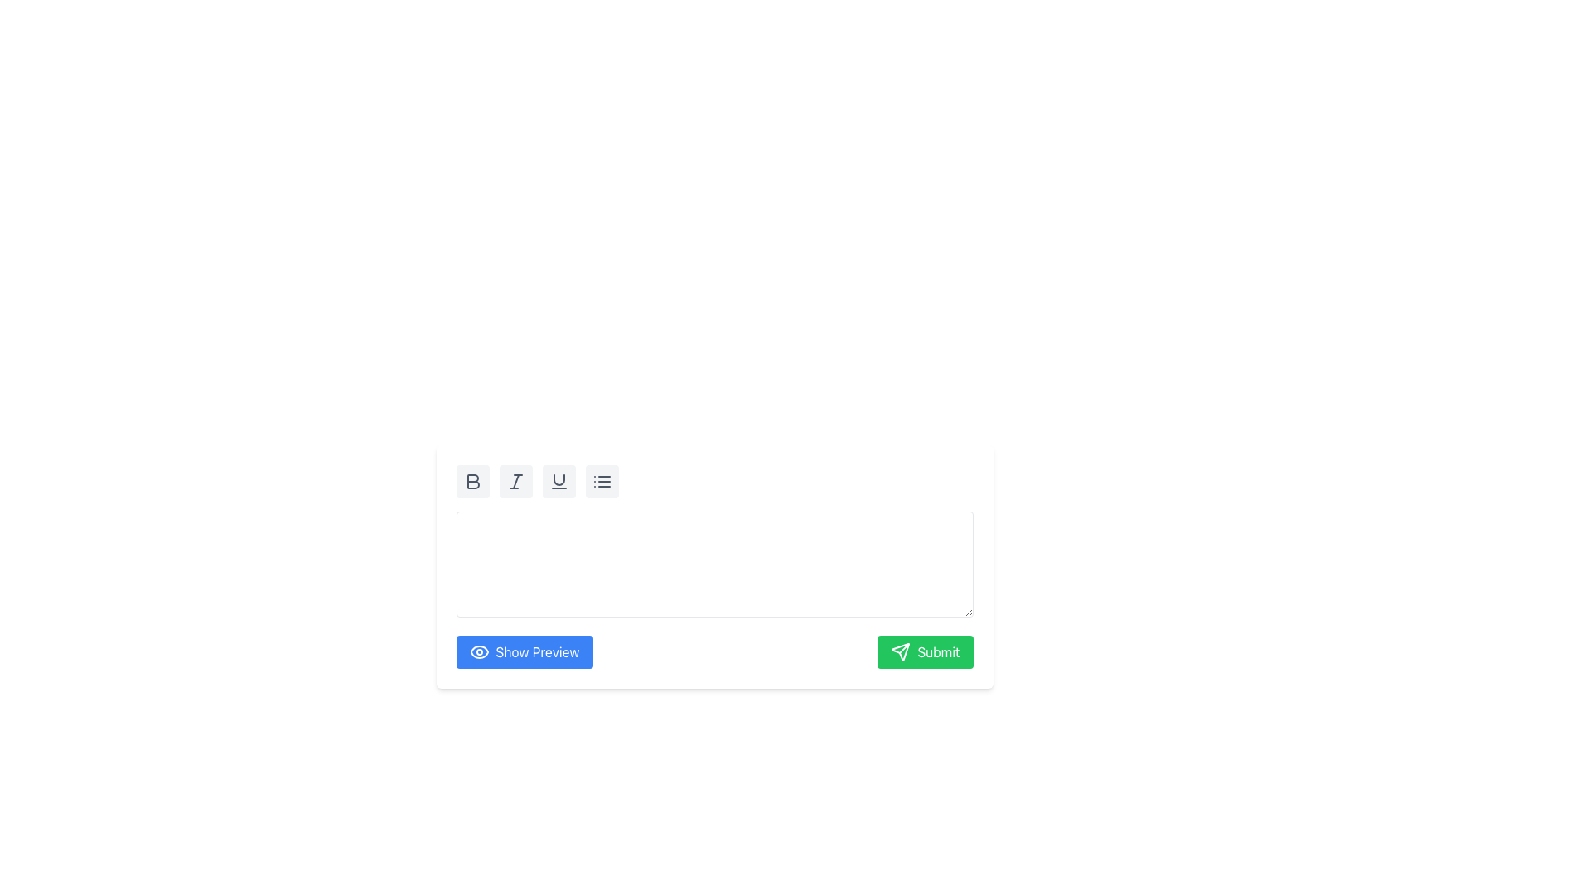  Describe the element at coordinates (924, 651) in the screenshot. I see `the second button used to submit the form, located to the right of the 'Show Preview' button, to trigger any associated hover effects` at that location.